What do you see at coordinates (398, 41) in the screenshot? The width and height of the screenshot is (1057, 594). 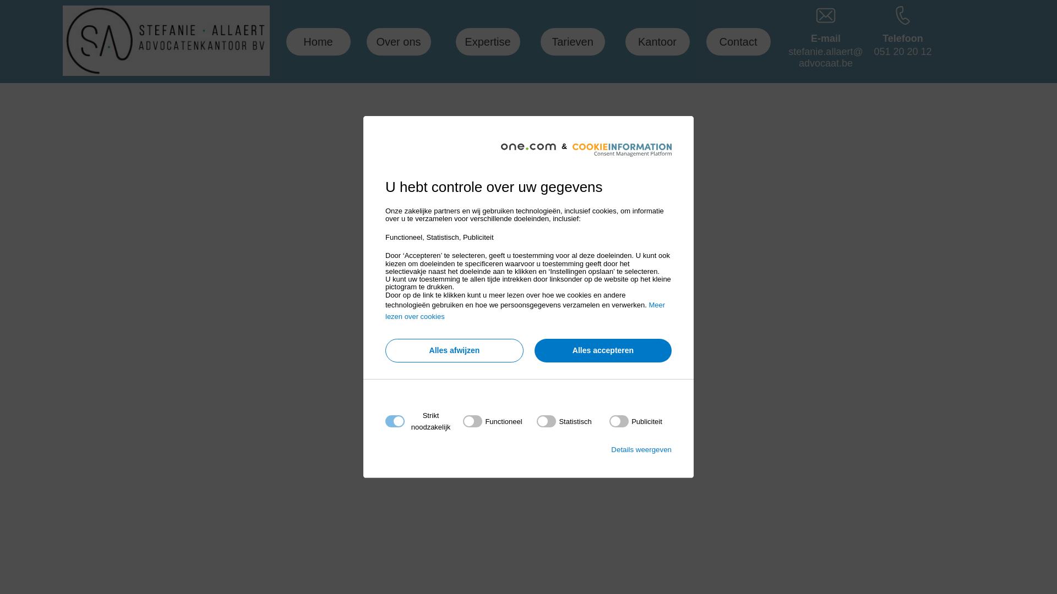 I see `'Over ons'` at bounding box center [398, 41].